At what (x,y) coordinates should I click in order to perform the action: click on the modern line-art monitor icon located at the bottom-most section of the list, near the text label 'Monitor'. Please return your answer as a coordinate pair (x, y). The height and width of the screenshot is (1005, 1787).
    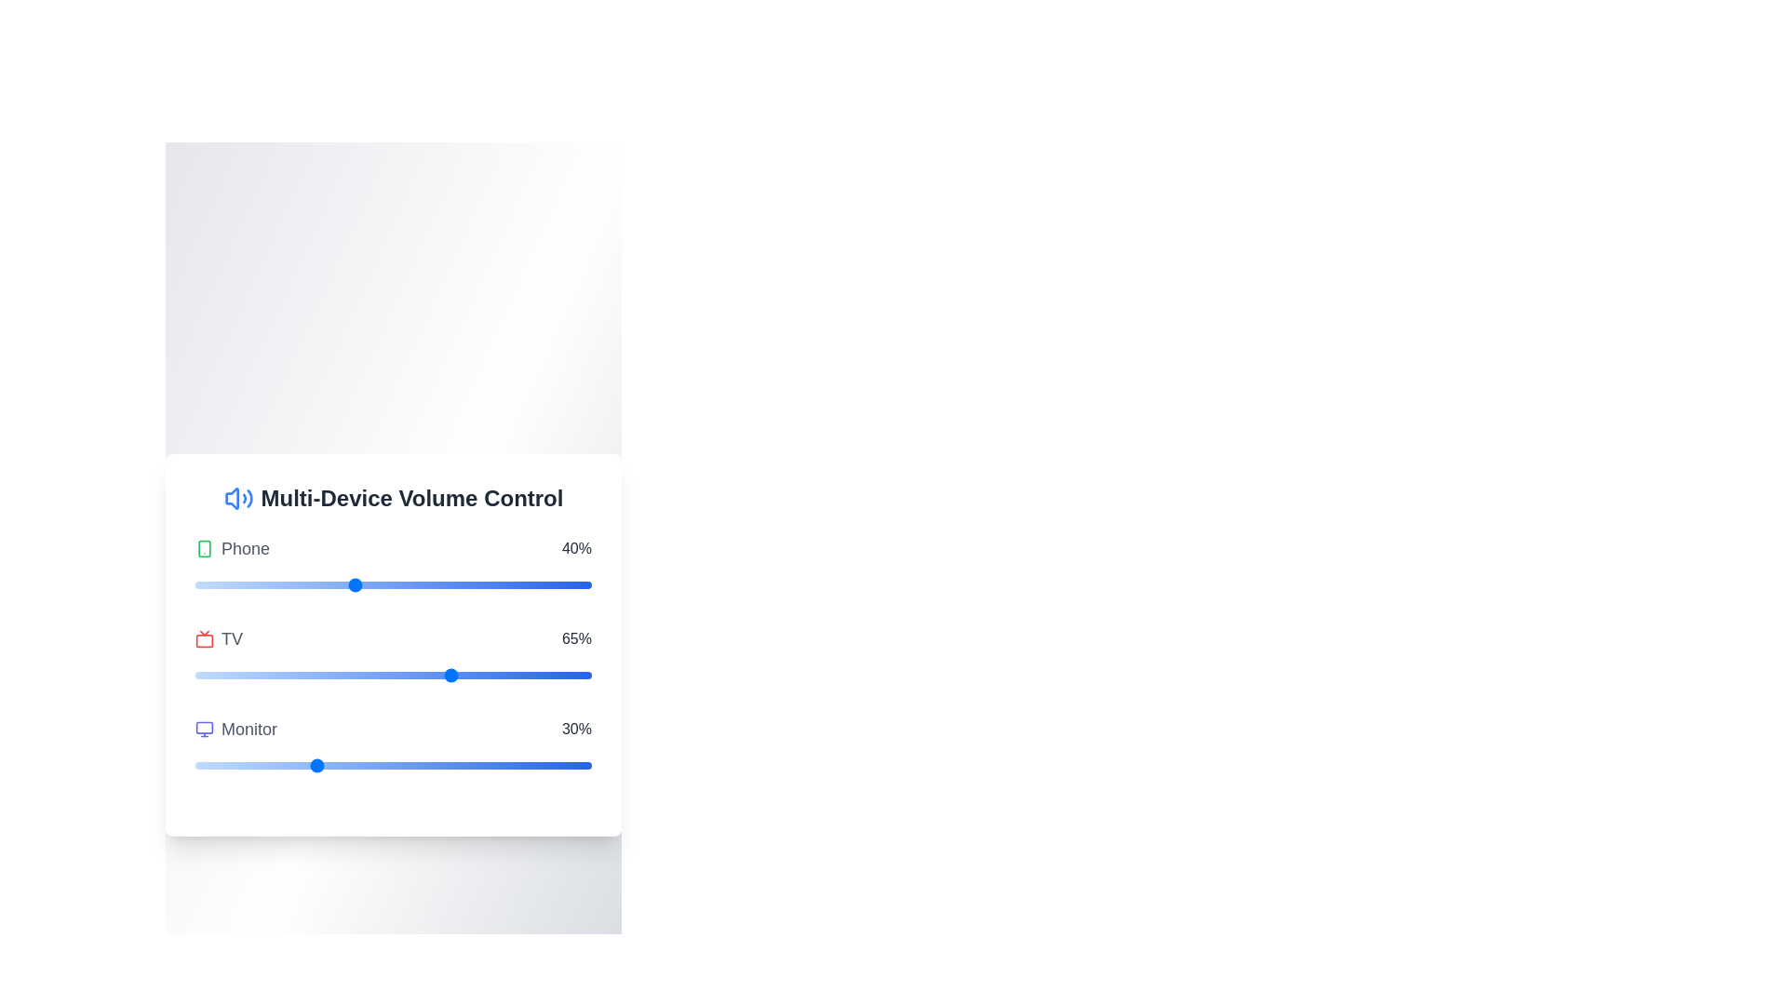
    Looking at the image, I should click on (205, 728).